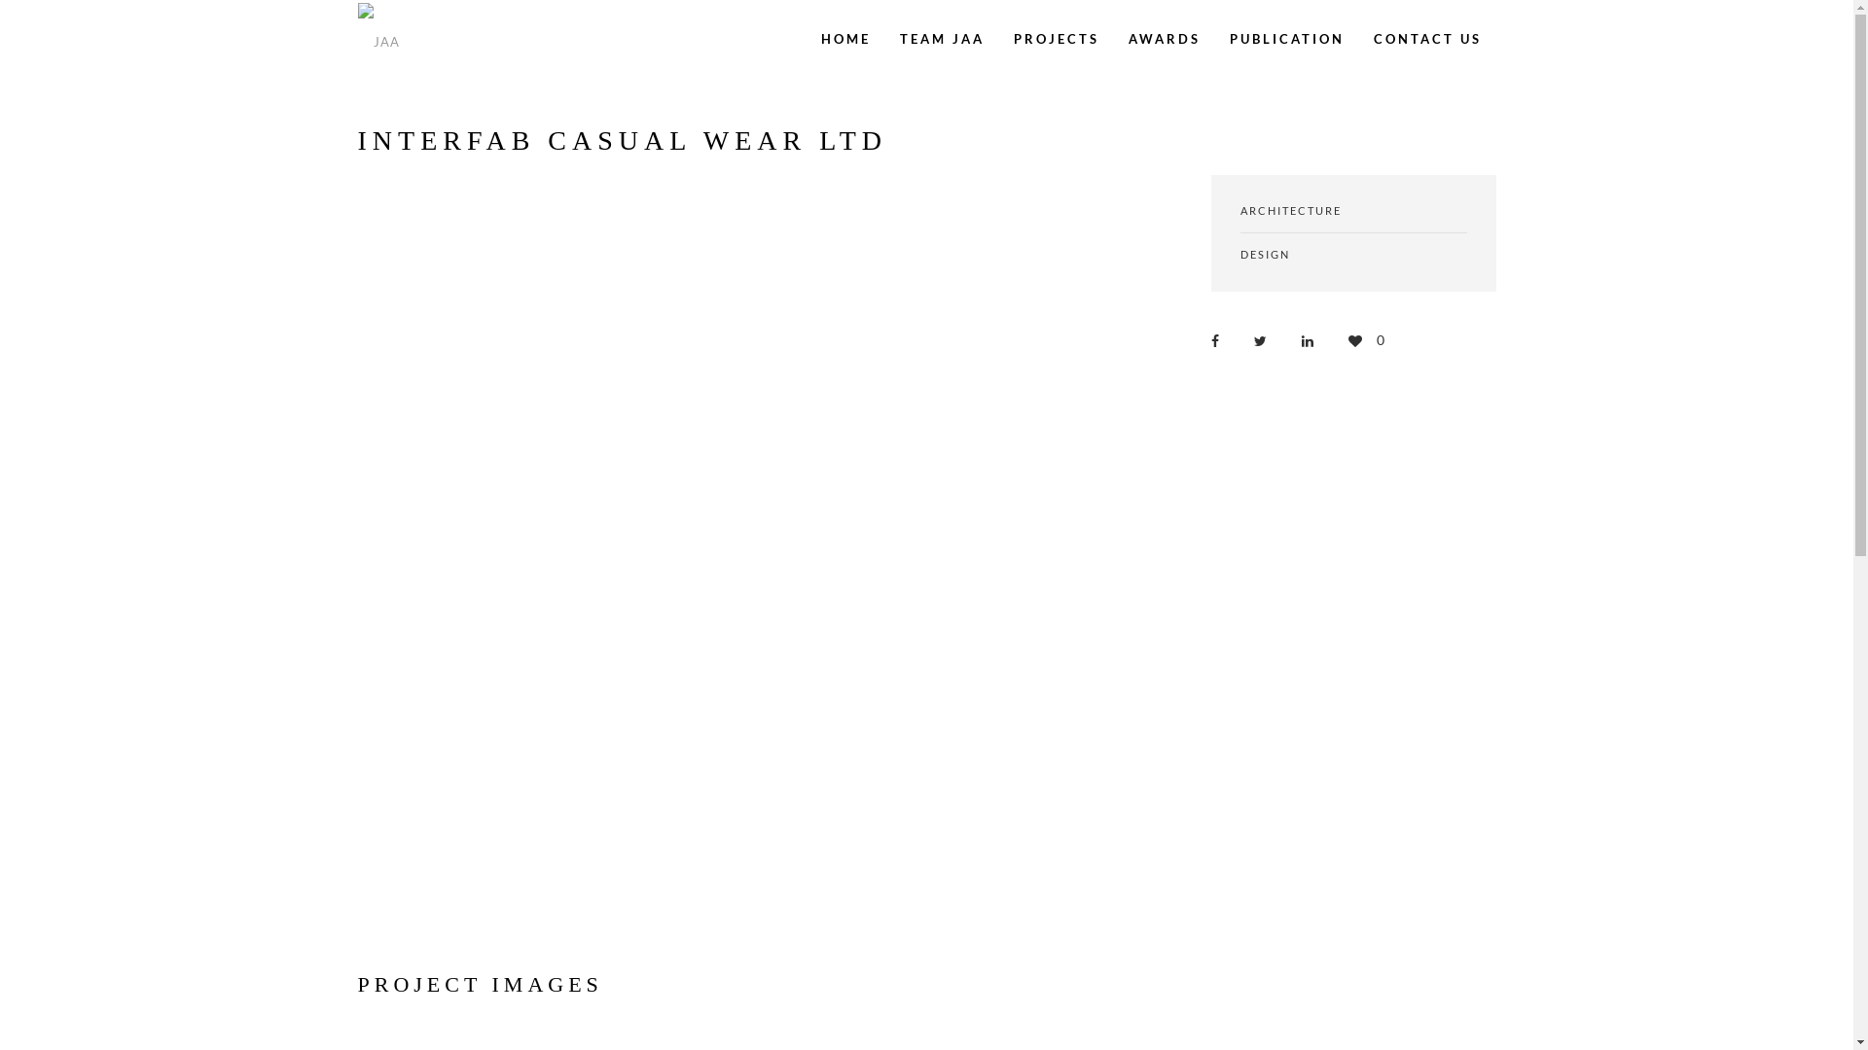  Describe the element at coordinates (1285, 38) in the screenshot. I see `'PUBLICATION'` at that location.